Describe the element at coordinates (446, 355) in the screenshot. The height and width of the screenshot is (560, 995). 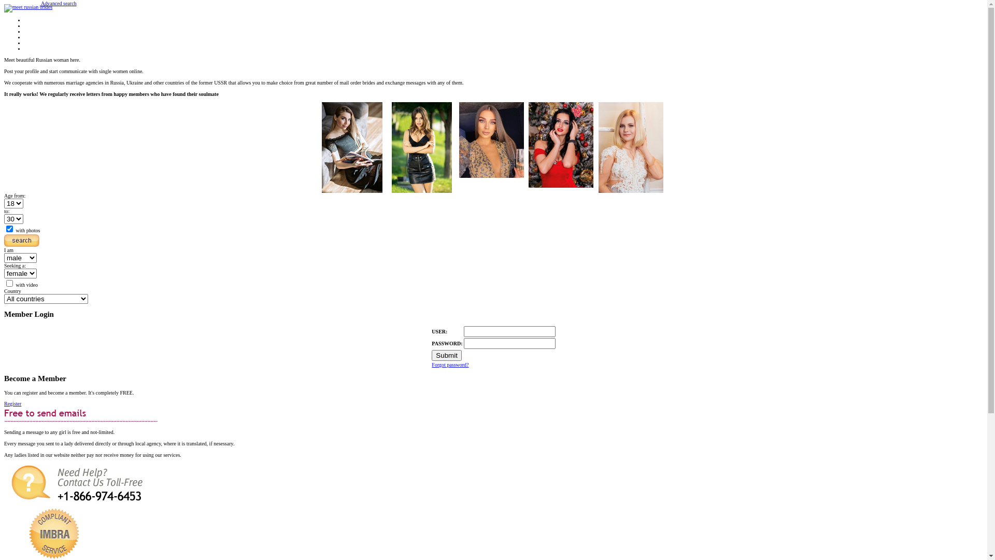
I see `'Submit'` at that location.